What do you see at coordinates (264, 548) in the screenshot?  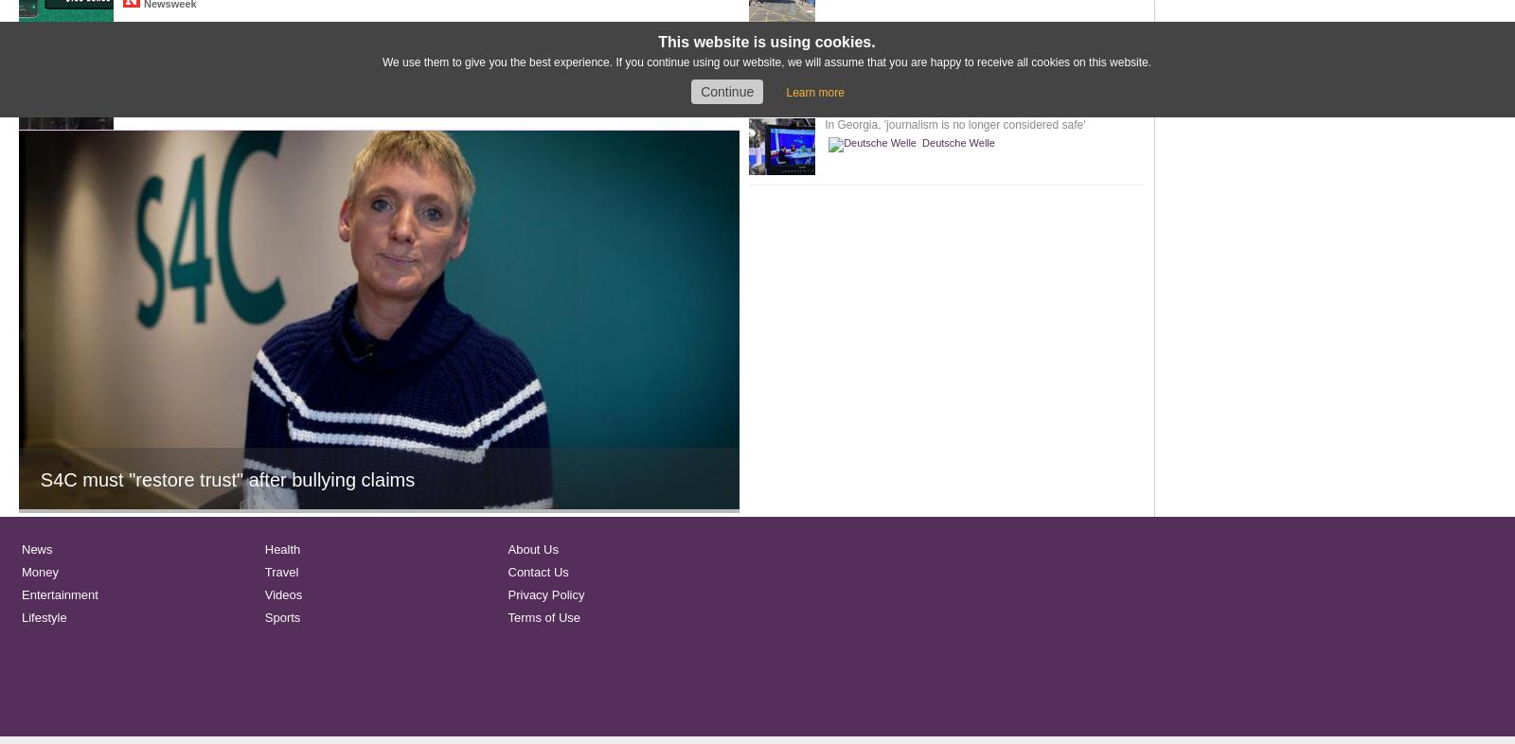 I see `'Health'` at bounding box center [264, 548].